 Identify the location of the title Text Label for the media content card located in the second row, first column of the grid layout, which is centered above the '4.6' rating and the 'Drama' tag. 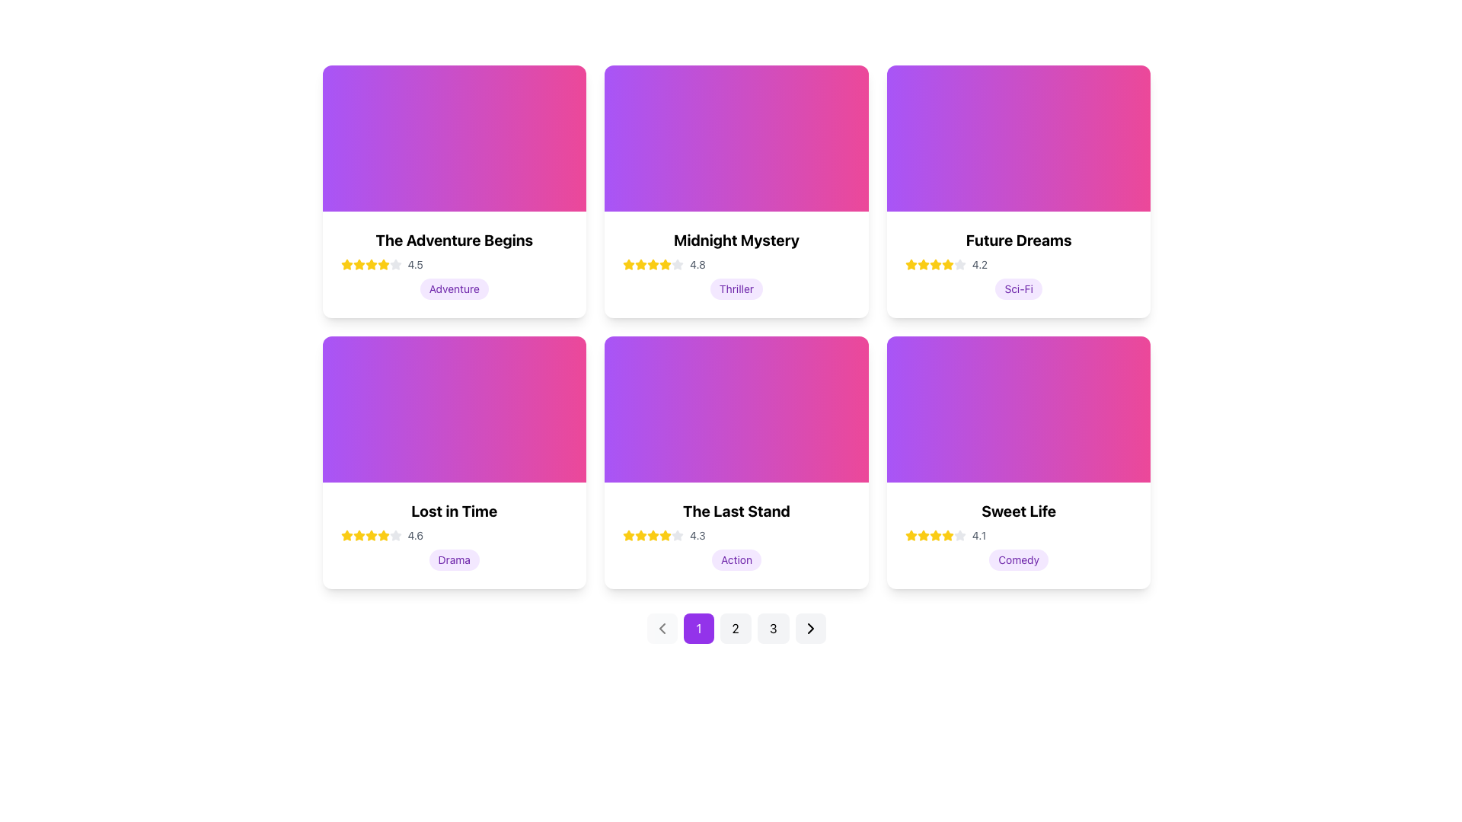
(453, 511).